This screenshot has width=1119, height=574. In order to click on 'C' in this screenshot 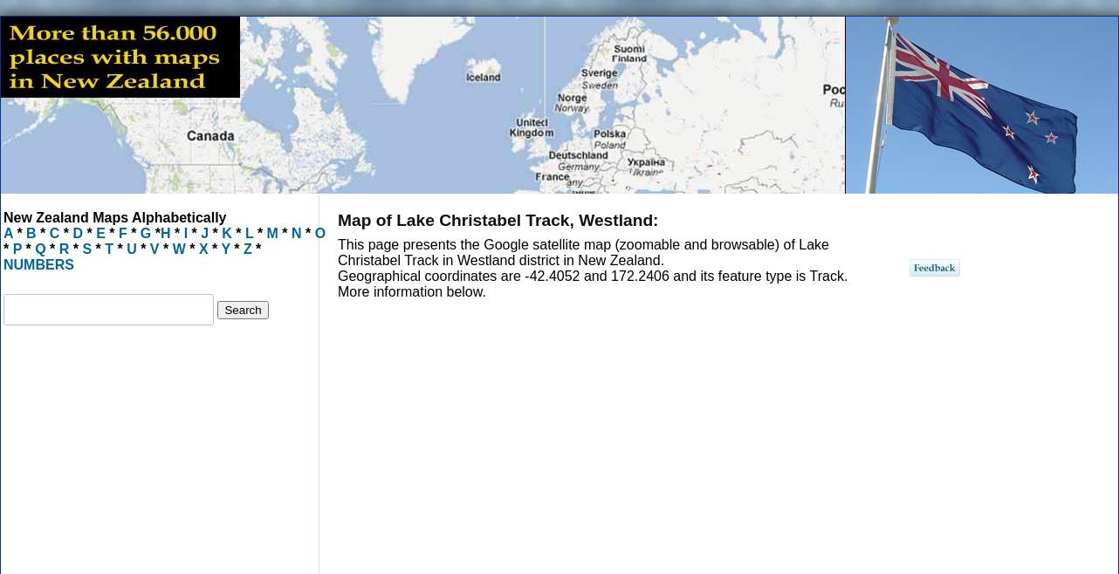, I will do `click(49, 232)`.